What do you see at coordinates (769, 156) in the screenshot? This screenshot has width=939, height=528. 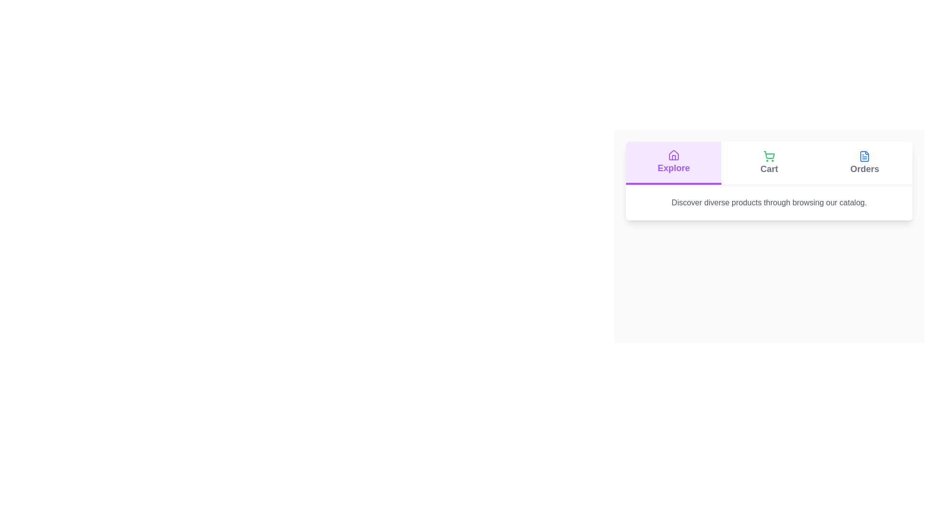 I see `the icon for the Cart tab to examine its visual representation` at bounding box center [769, 156].